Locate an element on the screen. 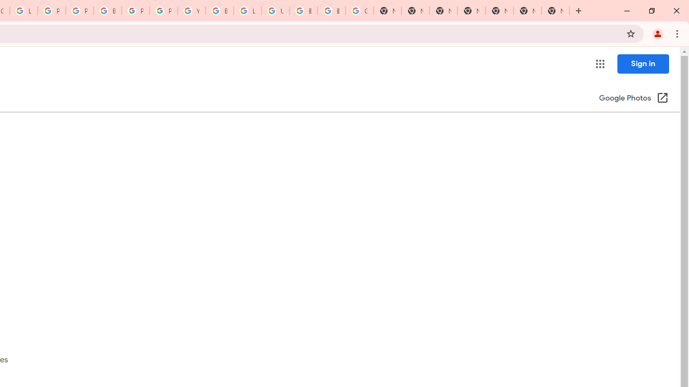  'Google Photos (Open in a new window)' is located at coordinates (634, 98).